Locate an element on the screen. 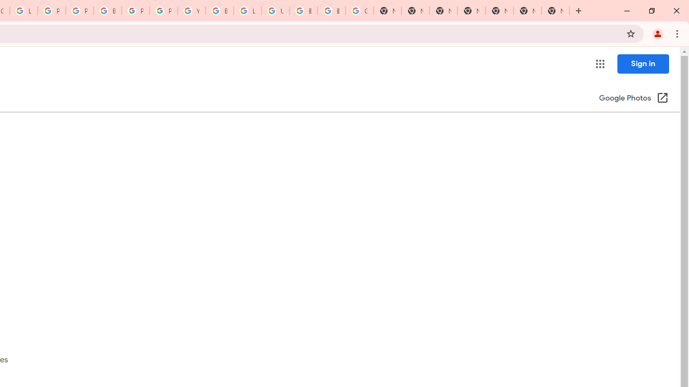  'Google Photos (Open in a new window)' is located at coordinates (634, 98).